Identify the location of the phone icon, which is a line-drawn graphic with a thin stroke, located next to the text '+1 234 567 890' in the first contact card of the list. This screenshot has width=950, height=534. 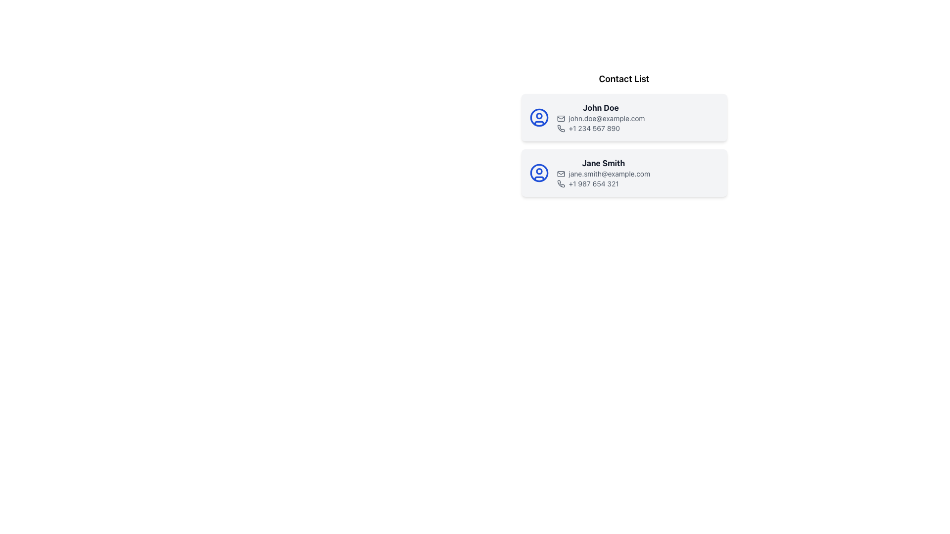
(561, 128).